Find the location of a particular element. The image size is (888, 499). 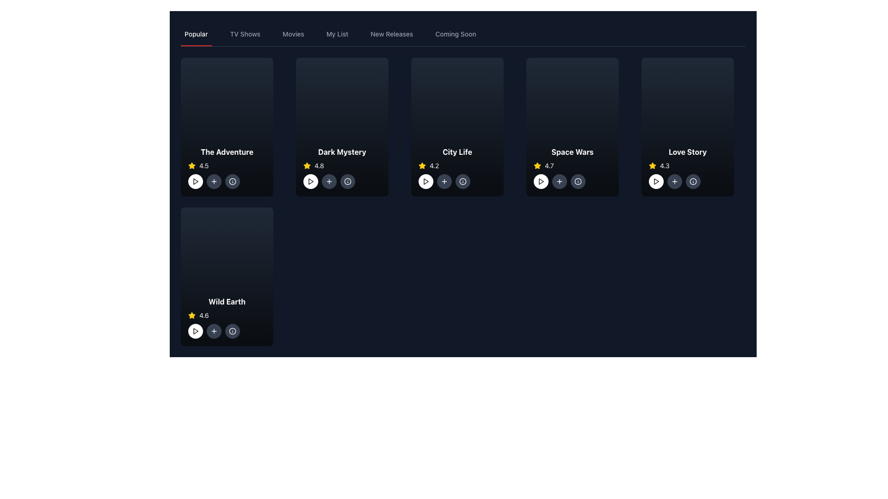

the first rating icon representing the movie 'Love Story', which visually indicates a rating of '4.3' is located at coordinates (652, 165).